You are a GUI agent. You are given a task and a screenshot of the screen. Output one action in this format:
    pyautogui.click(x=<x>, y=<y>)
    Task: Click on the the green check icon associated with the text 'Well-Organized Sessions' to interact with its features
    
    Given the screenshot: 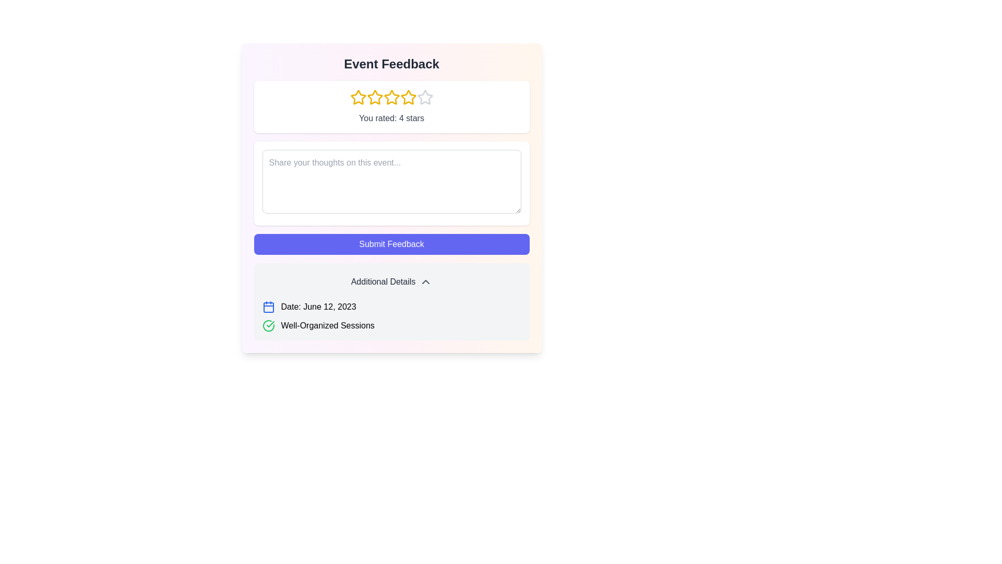 What is the action you would take?
    pyautogui.click(x=268, y=325)
    